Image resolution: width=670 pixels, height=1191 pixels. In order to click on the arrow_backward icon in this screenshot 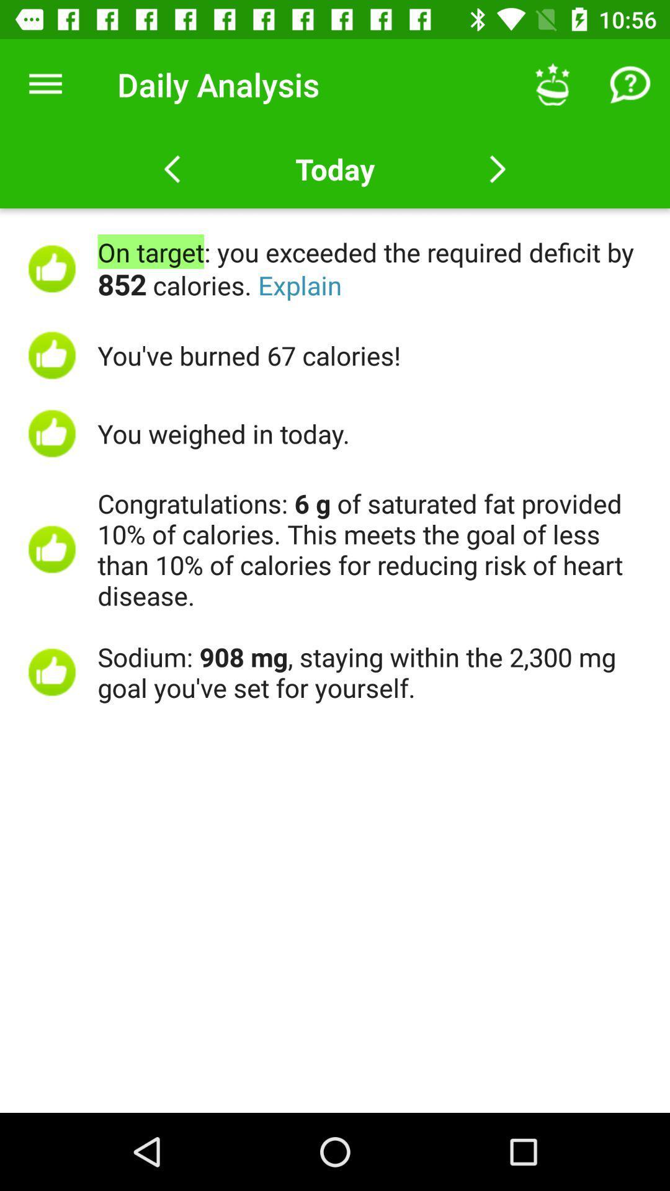, I will do `click(172, 169)`.